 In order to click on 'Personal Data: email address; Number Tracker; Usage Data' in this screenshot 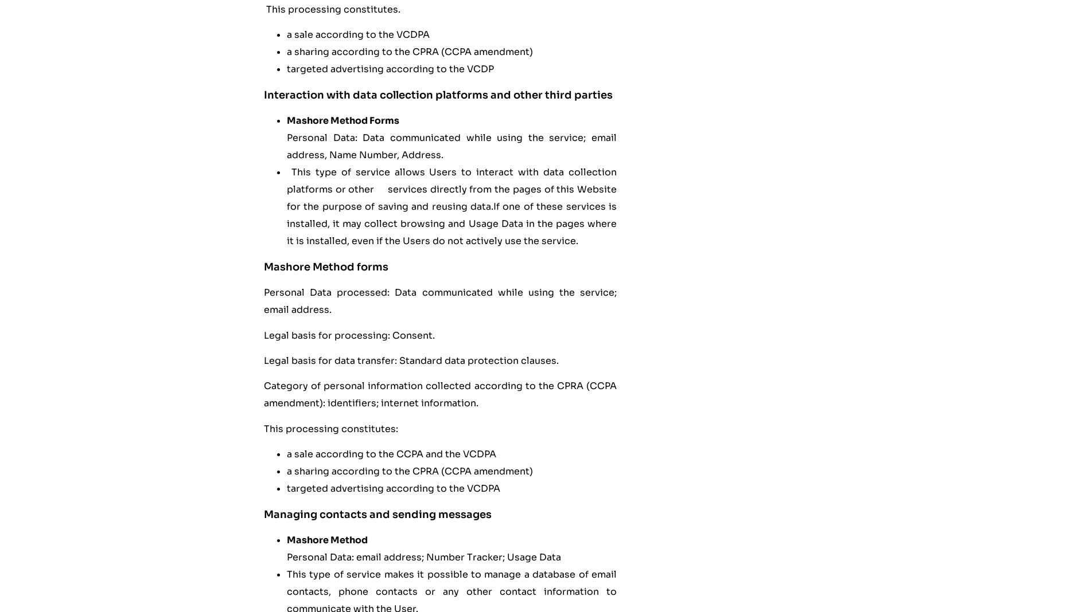, I will do `click(425, 557)`.